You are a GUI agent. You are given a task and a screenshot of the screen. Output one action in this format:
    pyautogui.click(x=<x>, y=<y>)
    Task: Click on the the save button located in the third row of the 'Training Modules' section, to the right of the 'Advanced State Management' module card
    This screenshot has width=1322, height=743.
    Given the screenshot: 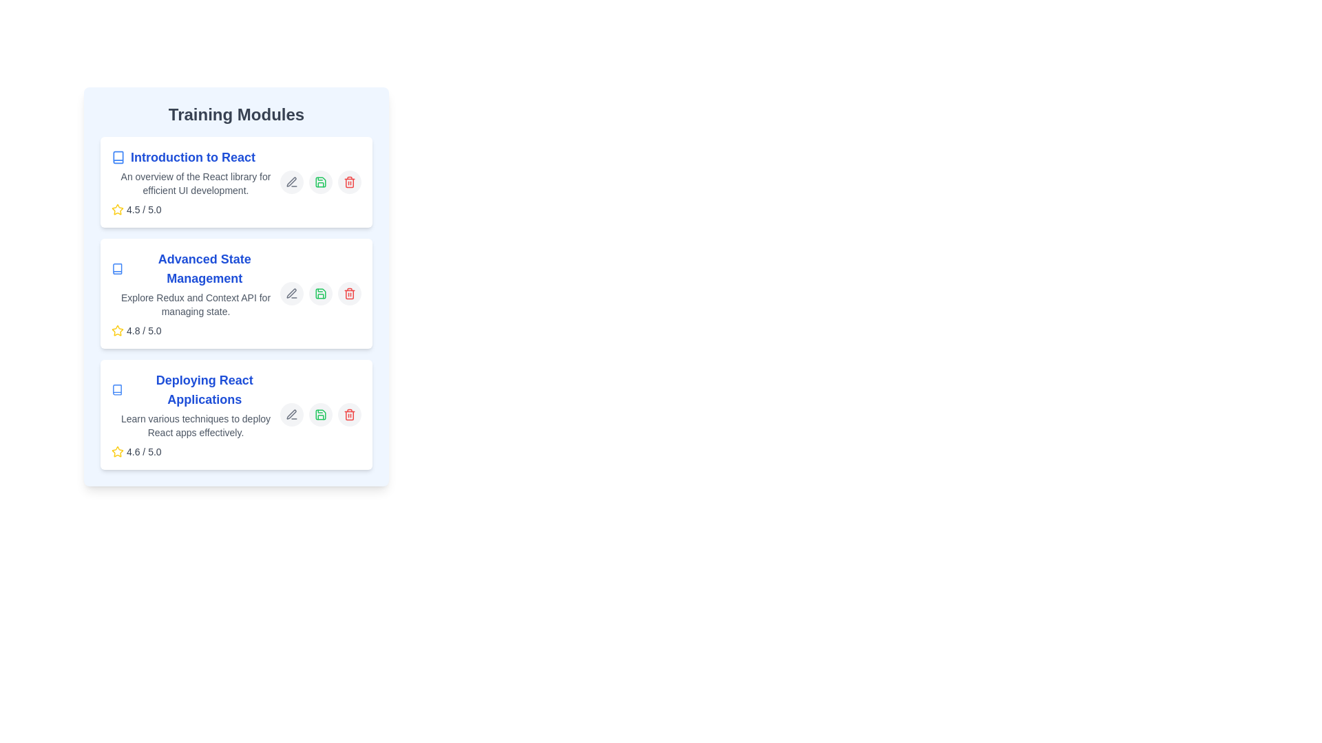 What is the action you would take?
    pyautogui.click(x=319, y=293)
    